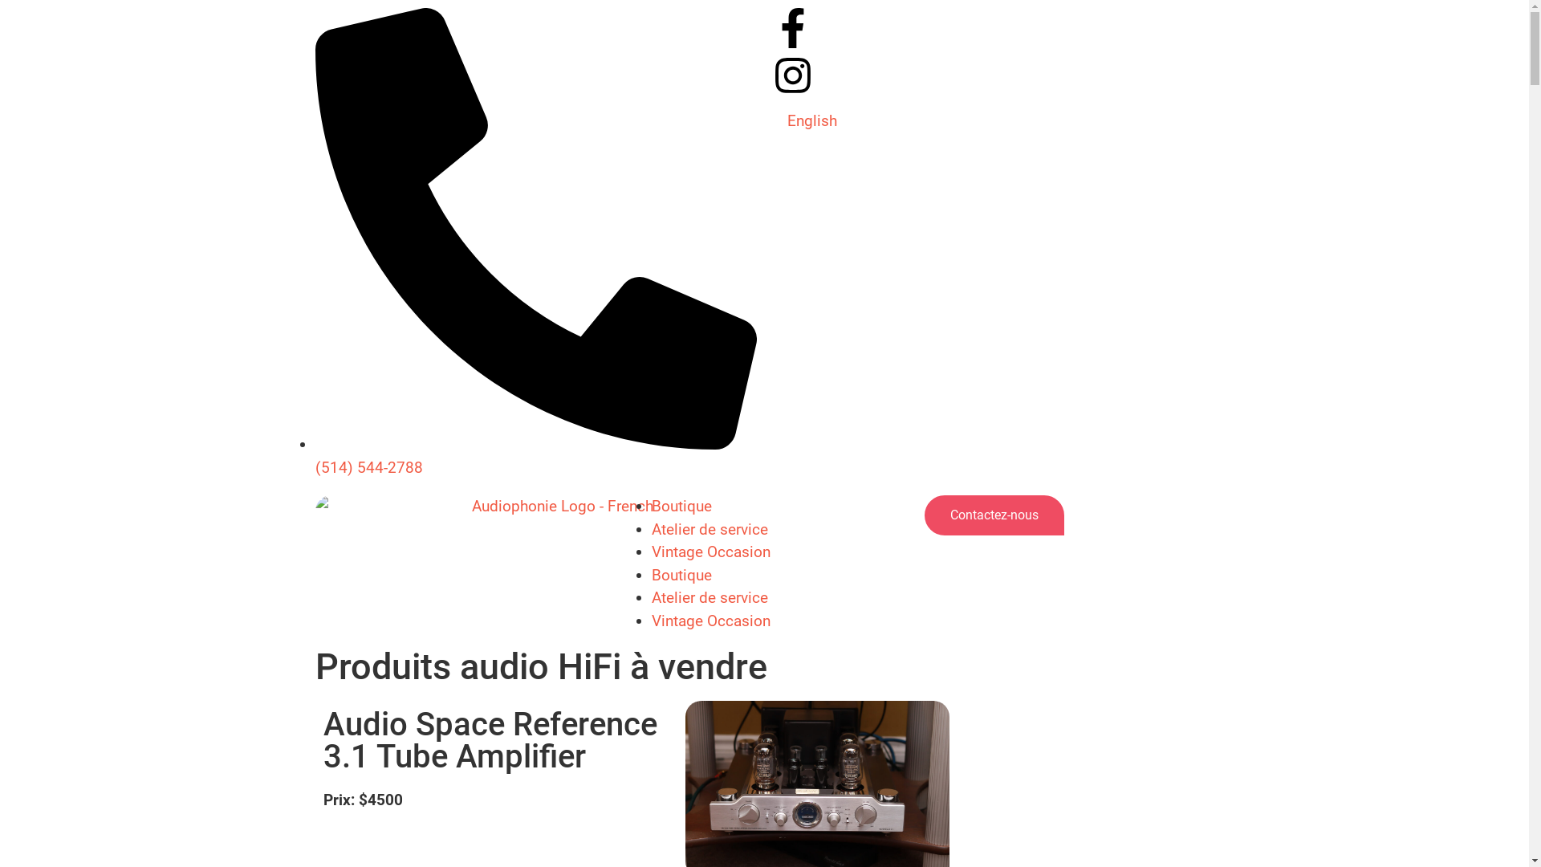 Image resolution: width=1541 pixels, height=867 pixels. What do you see at coordinates (709, 529) in the screenshot?
I see `'Atelier de service'` at bounding box center [709, 529].